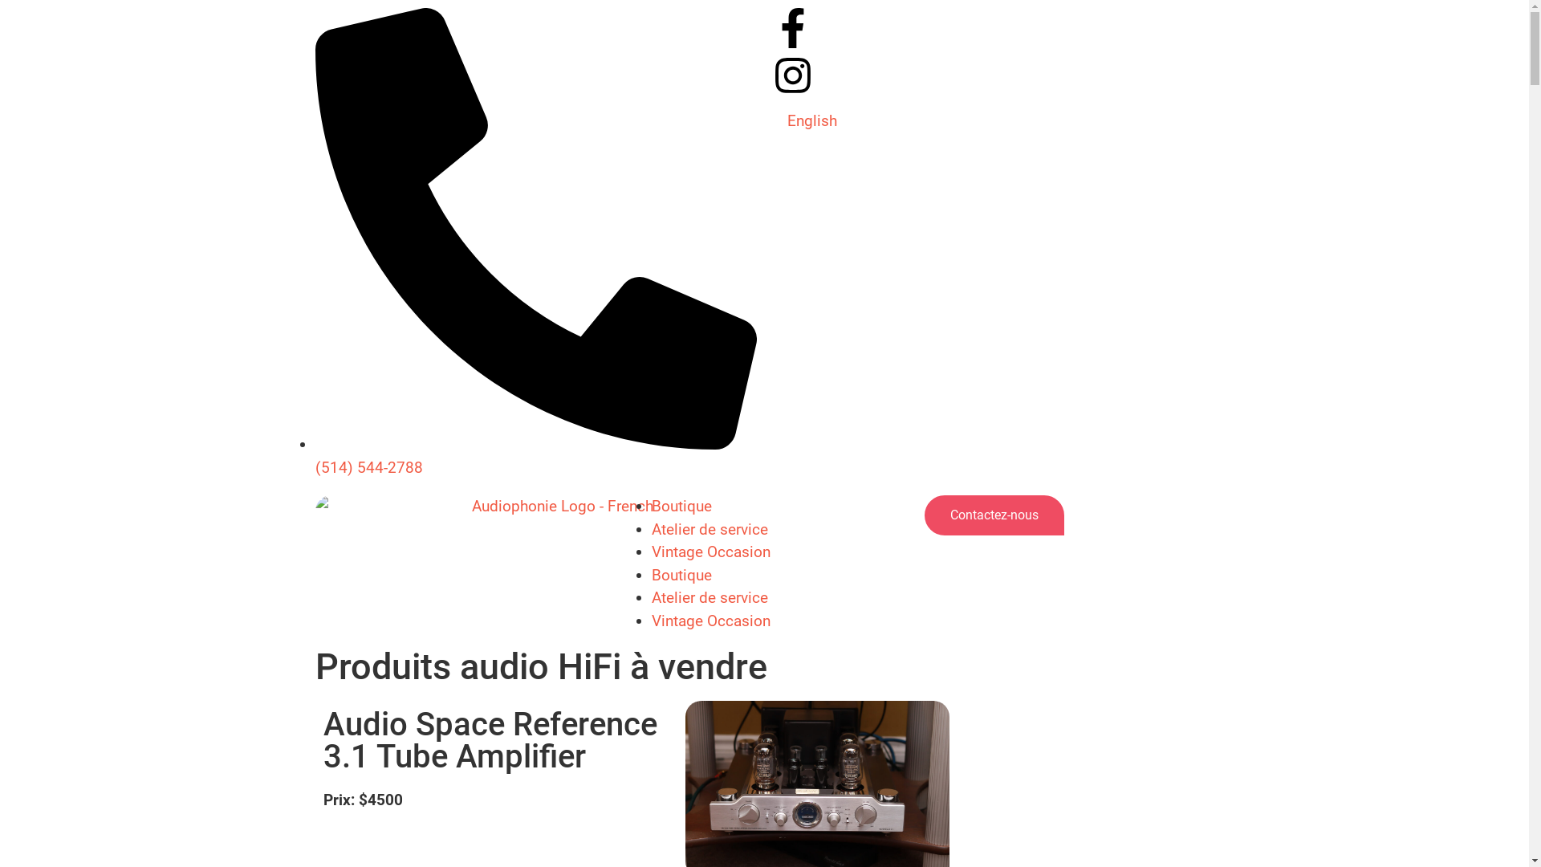 Image resolution: width=1541 pixels, height=867 pixels. What do you see at coordinates (709, 529) in the screenshot?
I see `'Atelier de service'` at bounding box center [709, 529].